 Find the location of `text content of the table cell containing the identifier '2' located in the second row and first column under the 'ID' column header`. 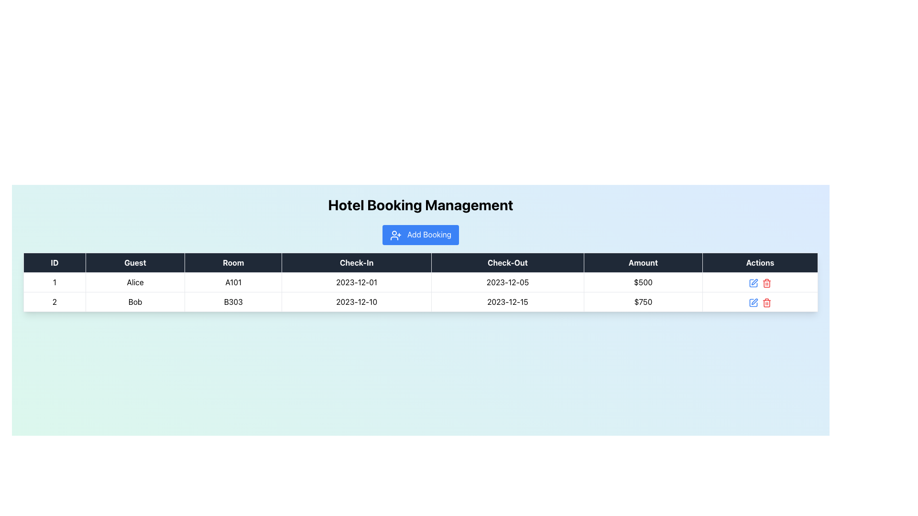

text content of the table cell containing the identifier '2' located in the second row and first column under the 'ID' column header is located at coordinates (54, 301).